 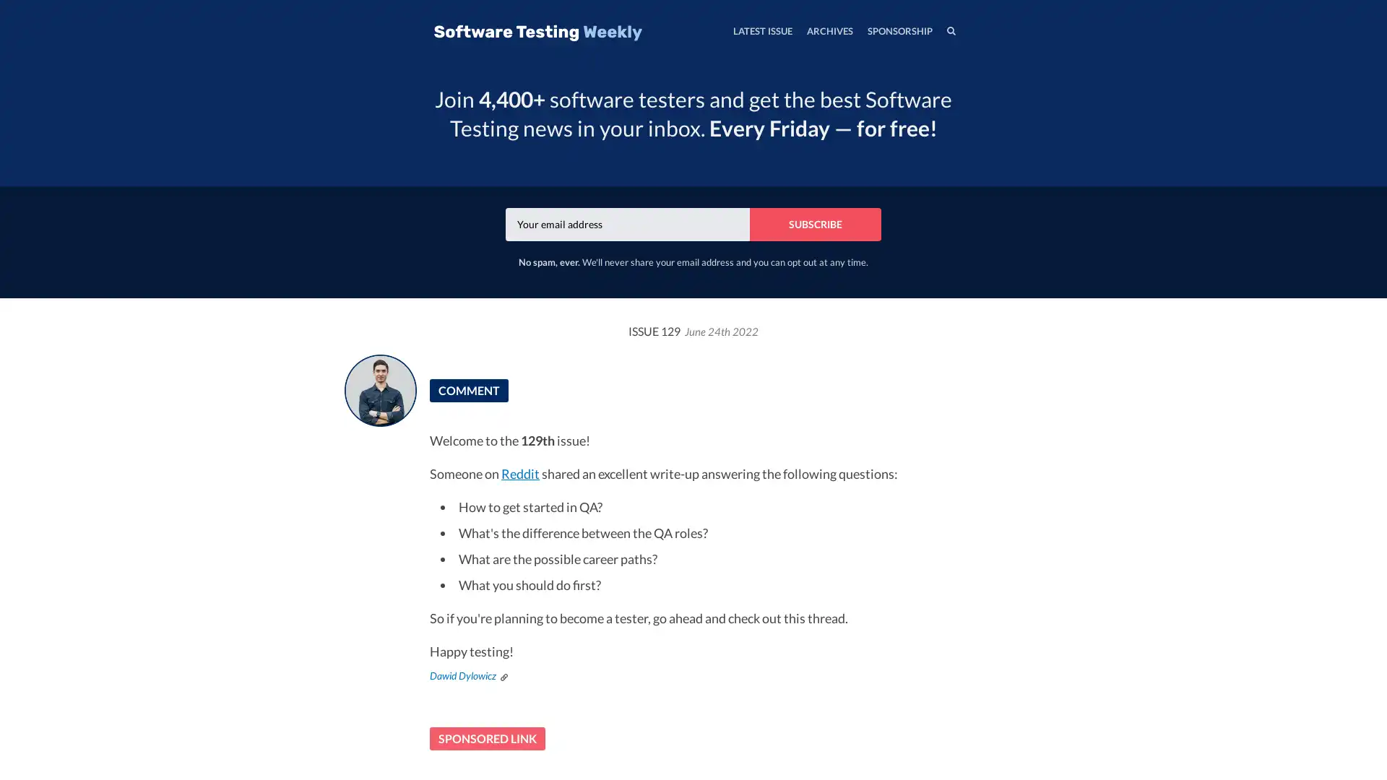 I want to click on SUBSCRIBE, so click(x=815, y=223).